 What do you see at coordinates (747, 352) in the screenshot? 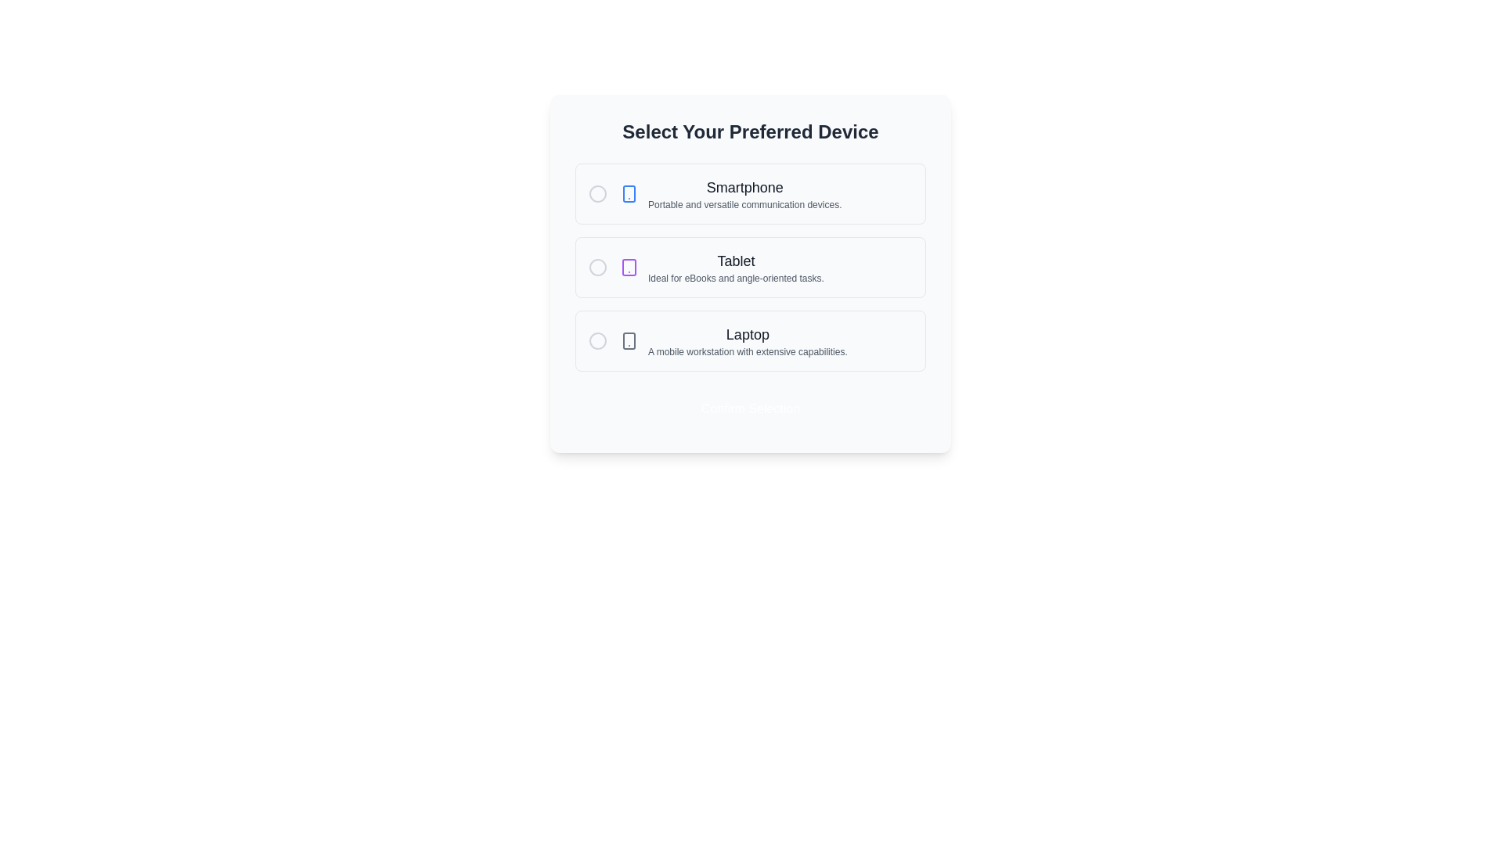
I see `descriptive text 'A mobile workstation with extensive capabilities.' located beneath the label 'Laptop' in the selection panel` at bounding box center [747, 352].